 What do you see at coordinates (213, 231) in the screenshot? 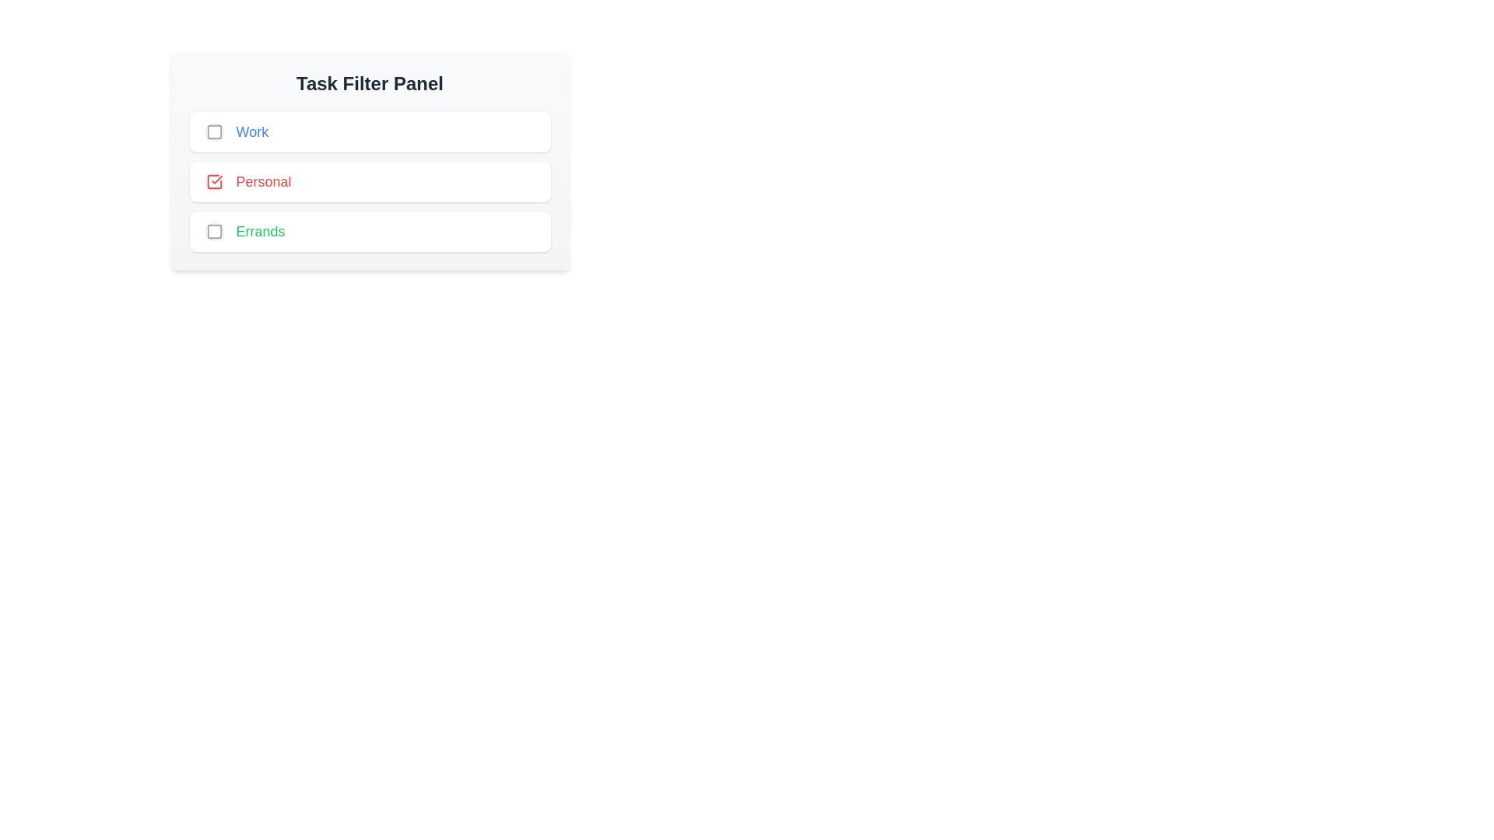
I see `the selection state icon for the 'Errands' task category, which indicates whether this task category is selected or not` at bounding box center [213, 231].